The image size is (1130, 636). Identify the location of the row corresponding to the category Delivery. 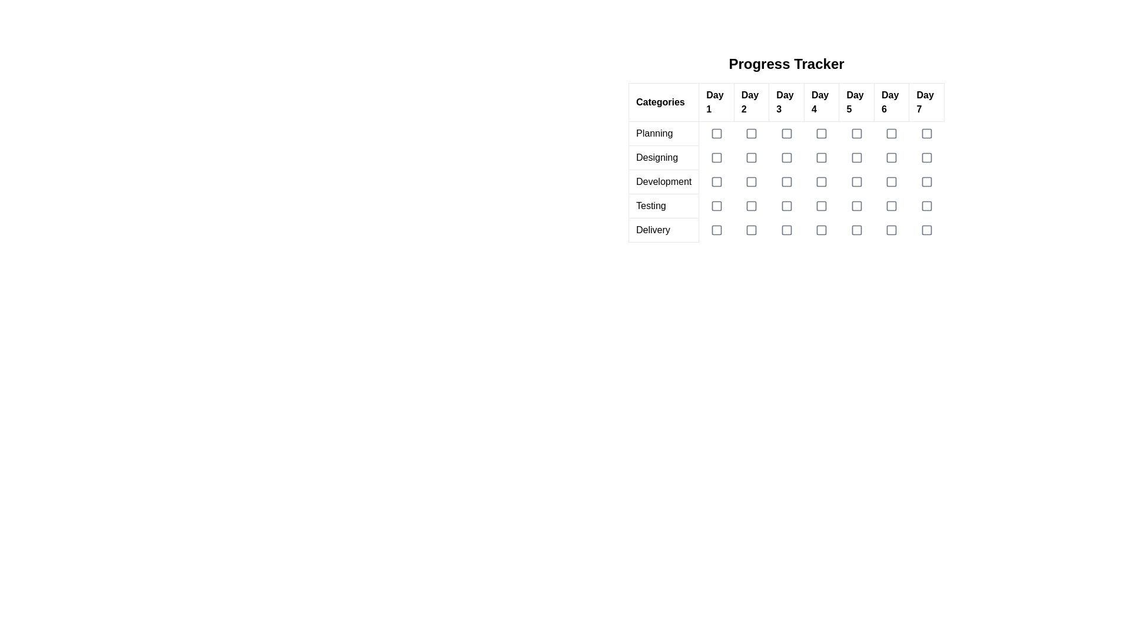
(786, 230).